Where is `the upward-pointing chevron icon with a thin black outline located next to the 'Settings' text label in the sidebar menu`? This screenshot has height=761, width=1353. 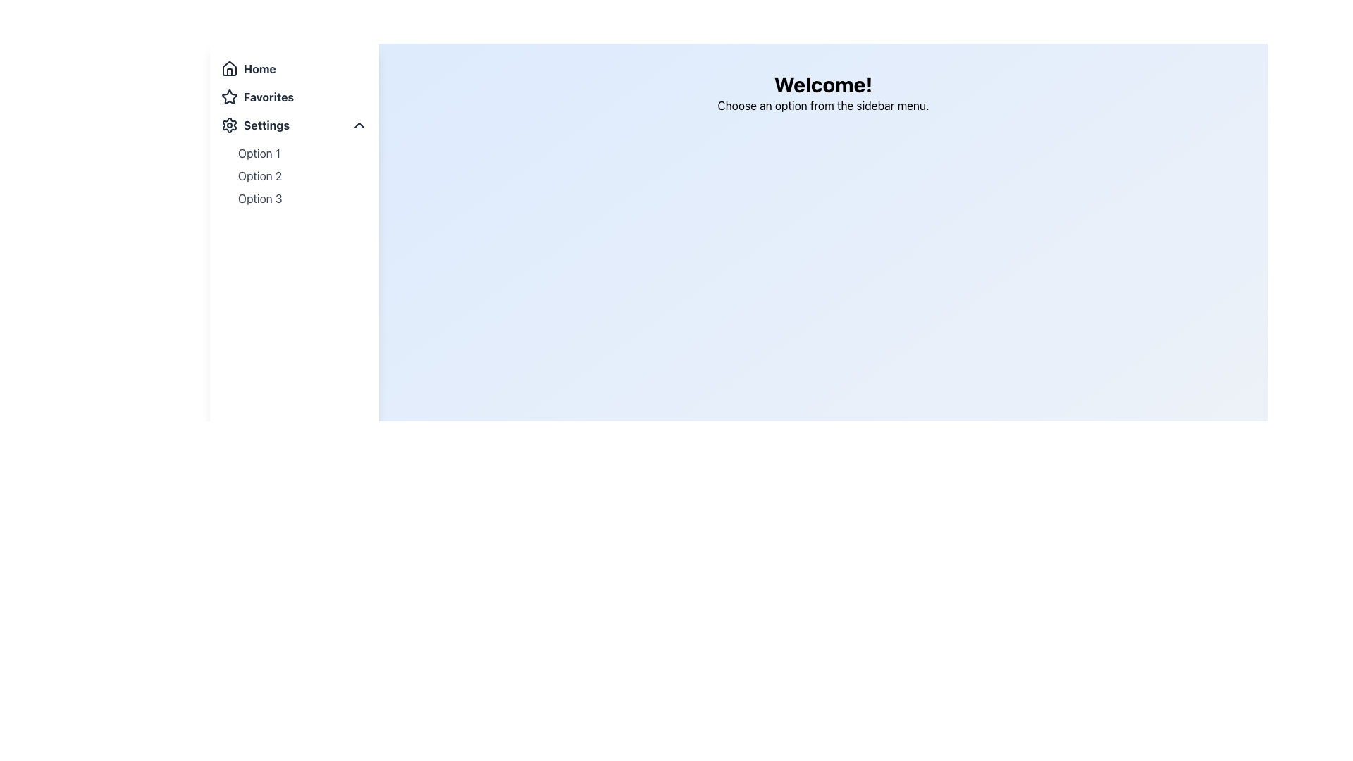
the upward-pointing chevron icon with a thin black outline located next to the 'Settings' text label in the sidebar menu is located at coordinates (359, 124).